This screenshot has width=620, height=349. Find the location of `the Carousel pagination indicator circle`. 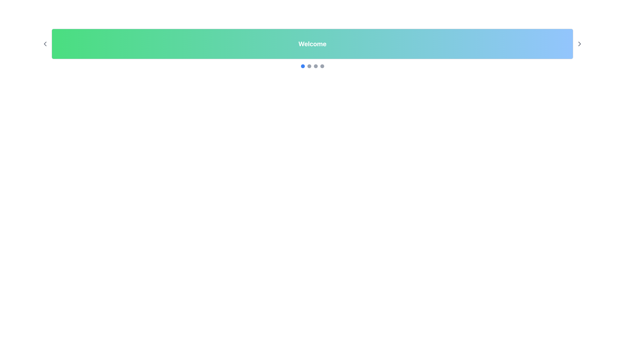

the Carousel pagination indicator circle is located at coordinates (312, 66).